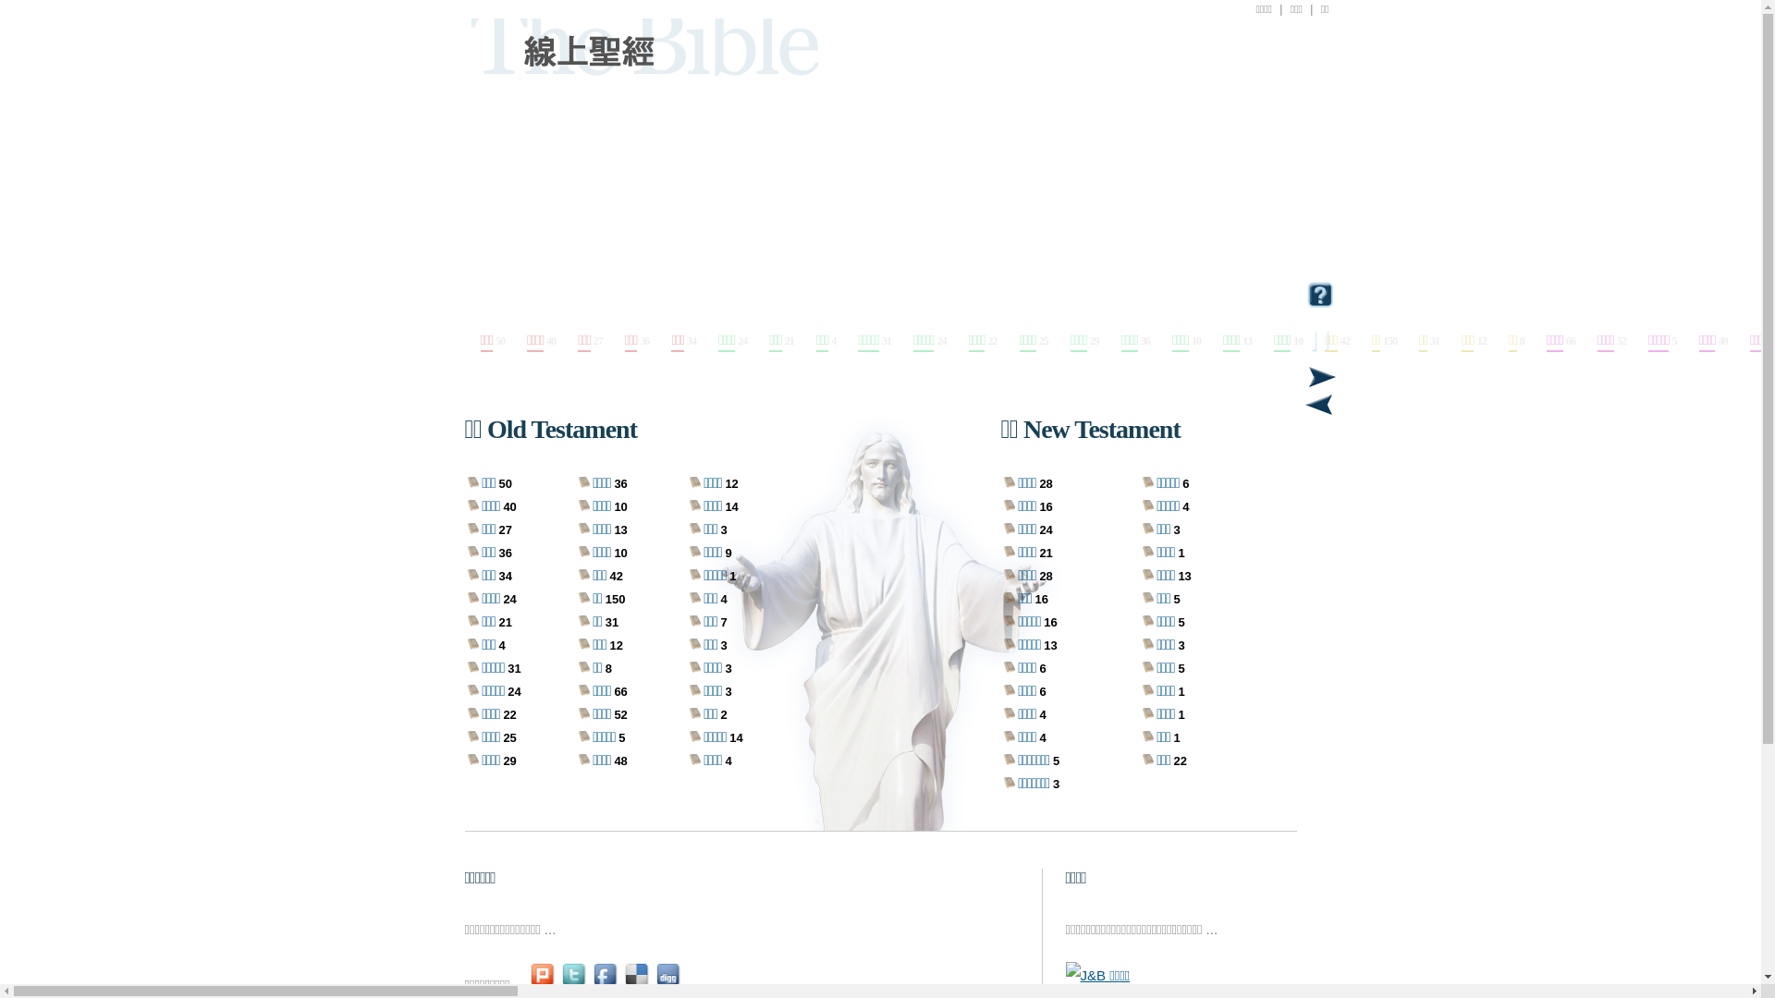 The width and height of the screenshot is (1775, 998). What do you see at coordinates (574, 983) in the screenshot?
I see `'Twitter'` at bounding box center [574, 983].